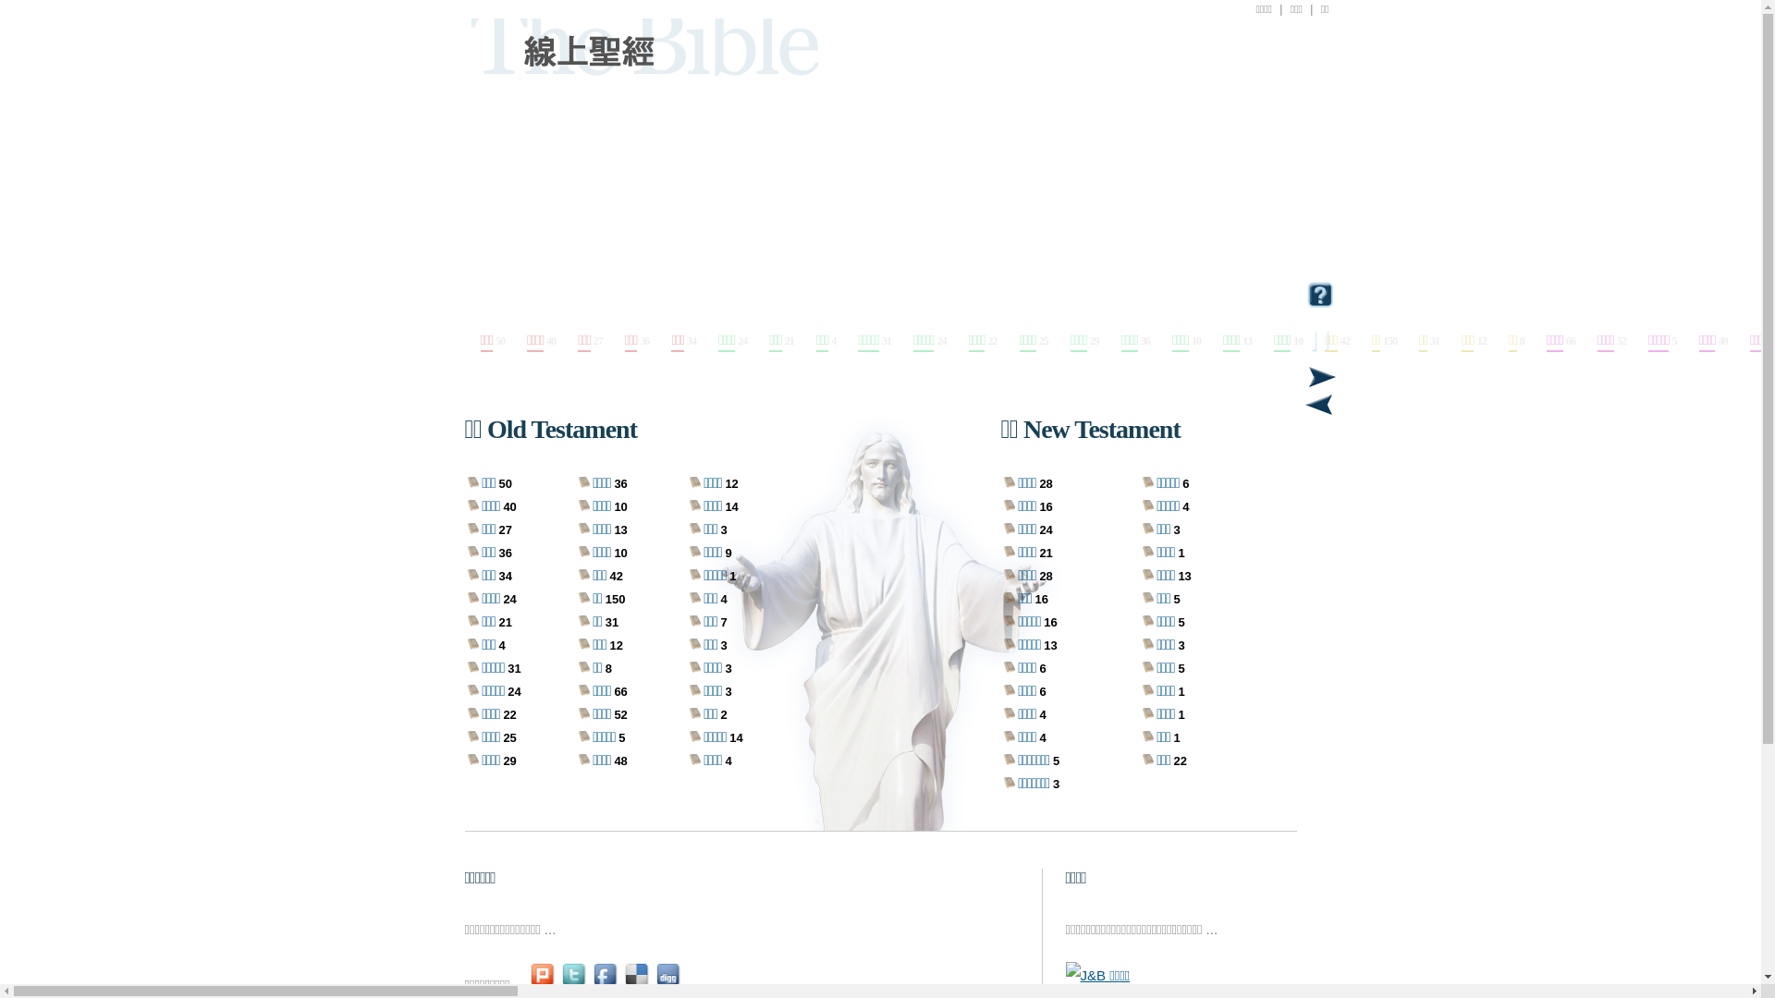 The width and height of the screenshot is (1775, 998). What do you see at coordinates (574, 983) in the screenshot?
I see `'Twitter'` at bounding box center [574, 983].